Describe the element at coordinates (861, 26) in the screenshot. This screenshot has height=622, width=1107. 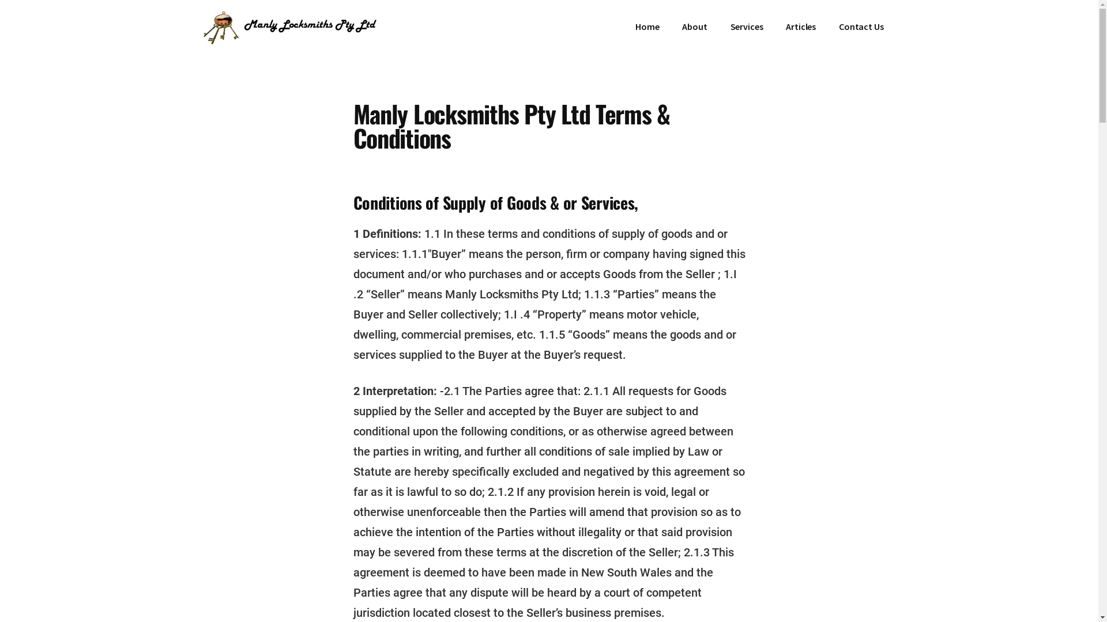
I see `'Contact Us'` at that location.